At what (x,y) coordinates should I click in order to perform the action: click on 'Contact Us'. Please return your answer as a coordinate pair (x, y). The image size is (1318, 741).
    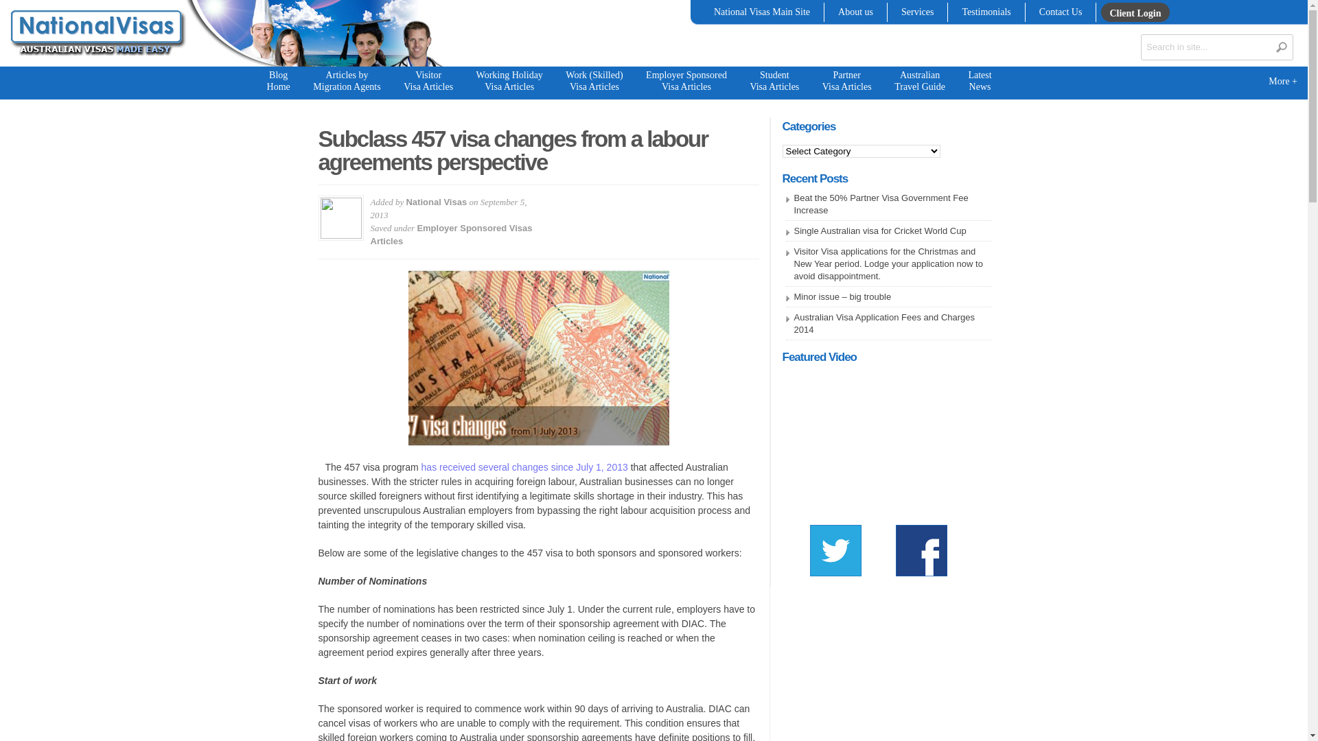
    Looking at the image, I should click on (1060, 12).